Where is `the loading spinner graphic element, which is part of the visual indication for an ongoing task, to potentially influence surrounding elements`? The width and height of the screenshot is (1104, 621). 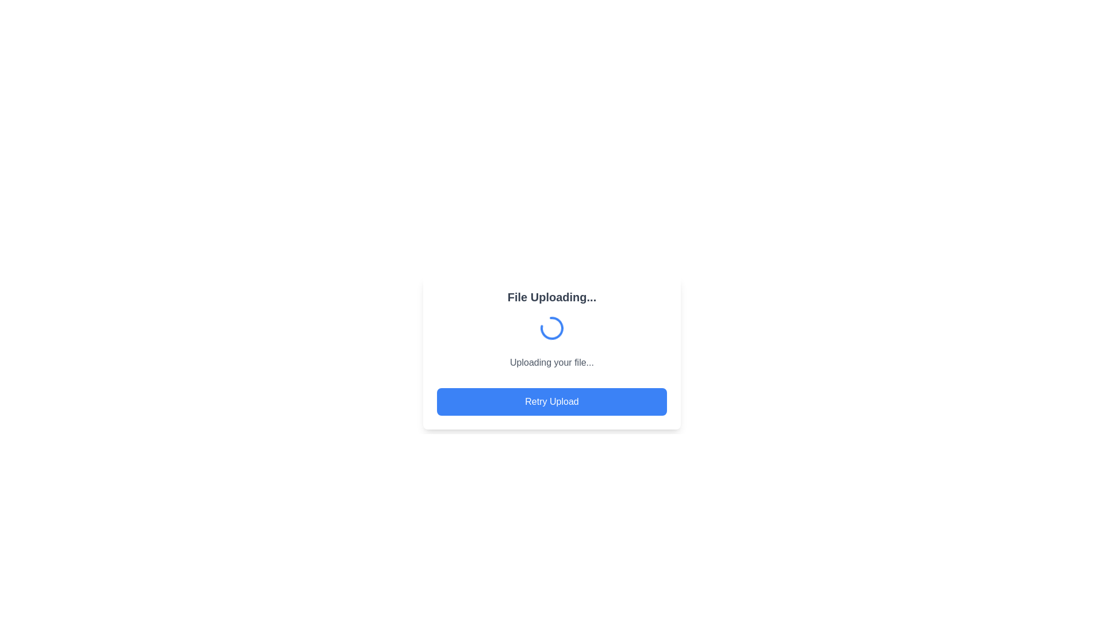 the loading spinner graphic element, which is part of the visual indication for an ongoing task, to potentially influence surrounding elements is located at coordinates (552, 328).